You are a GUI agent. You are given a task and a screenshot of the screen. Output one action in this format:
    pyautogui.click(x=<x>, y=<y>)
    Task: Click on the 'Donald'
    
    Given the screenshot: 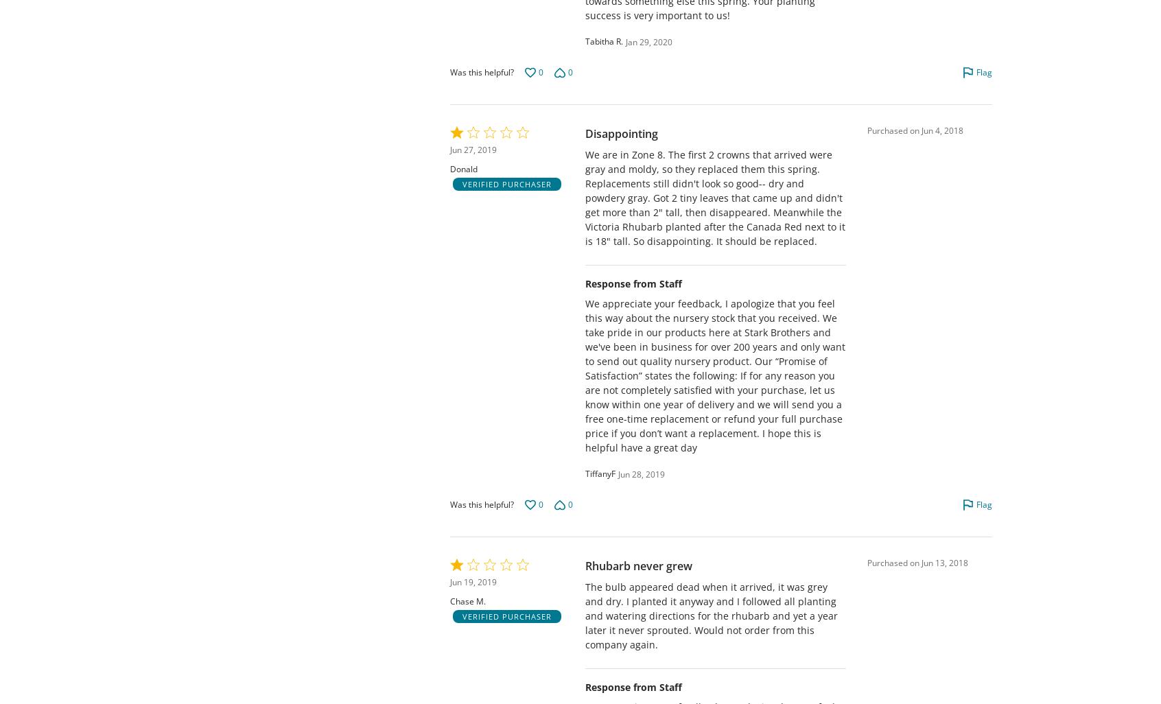 What is the action you would take?
    pyautogui.click(x=463, y=169)
    